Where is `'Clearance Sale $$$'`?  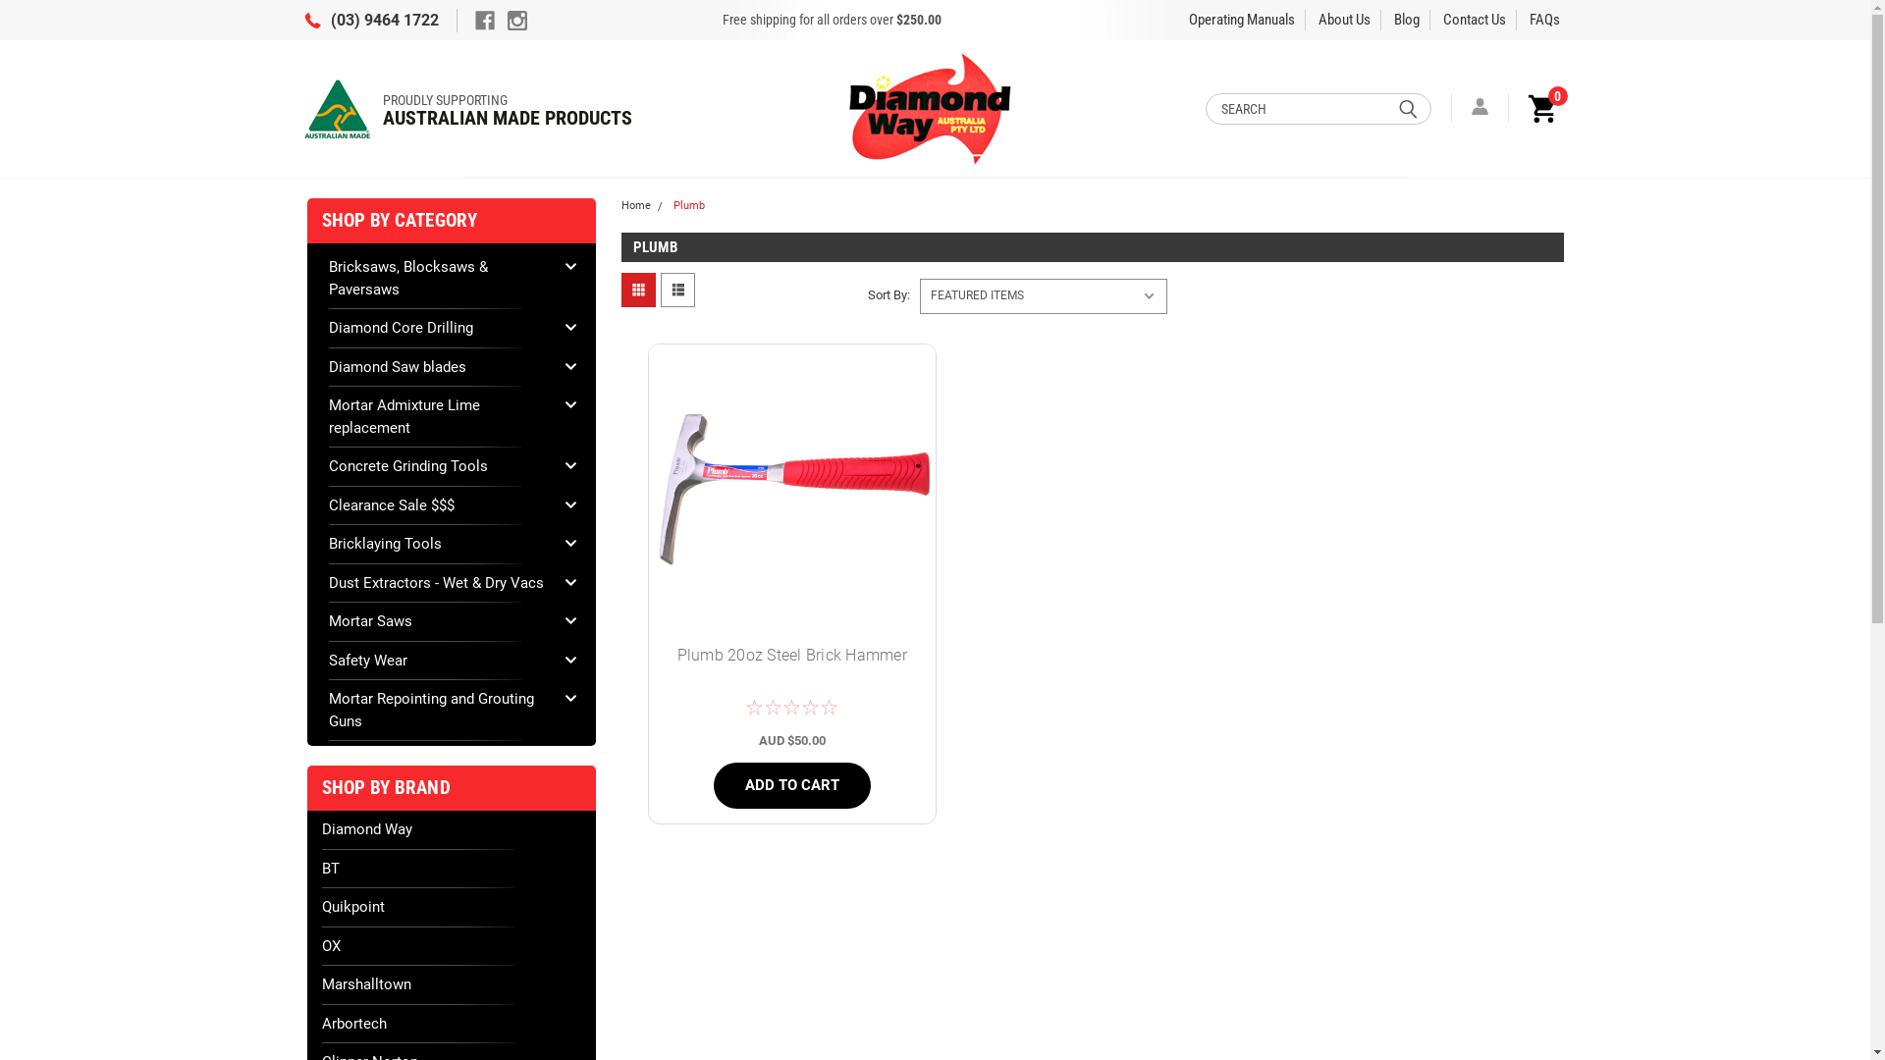
'Clearance Sale $$$' is located at coordinates (438, 504).